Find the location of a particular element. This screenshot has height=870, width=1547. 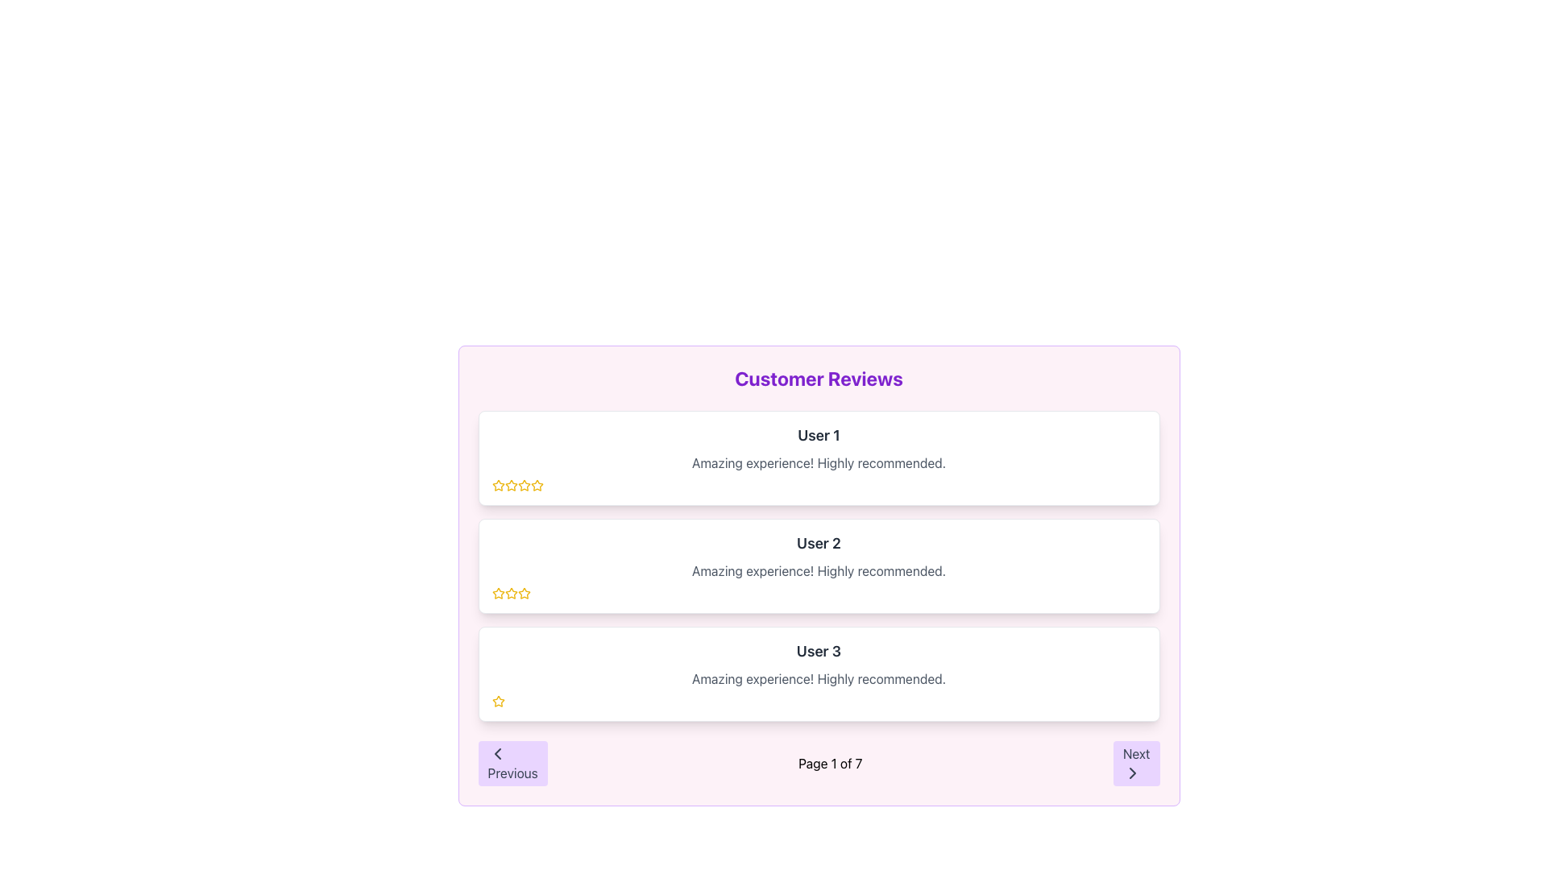

the second star icon in the rating system for 'User 2', which is gold with a thin outlined stroke and partially filled is located at coordinates (510, 593).